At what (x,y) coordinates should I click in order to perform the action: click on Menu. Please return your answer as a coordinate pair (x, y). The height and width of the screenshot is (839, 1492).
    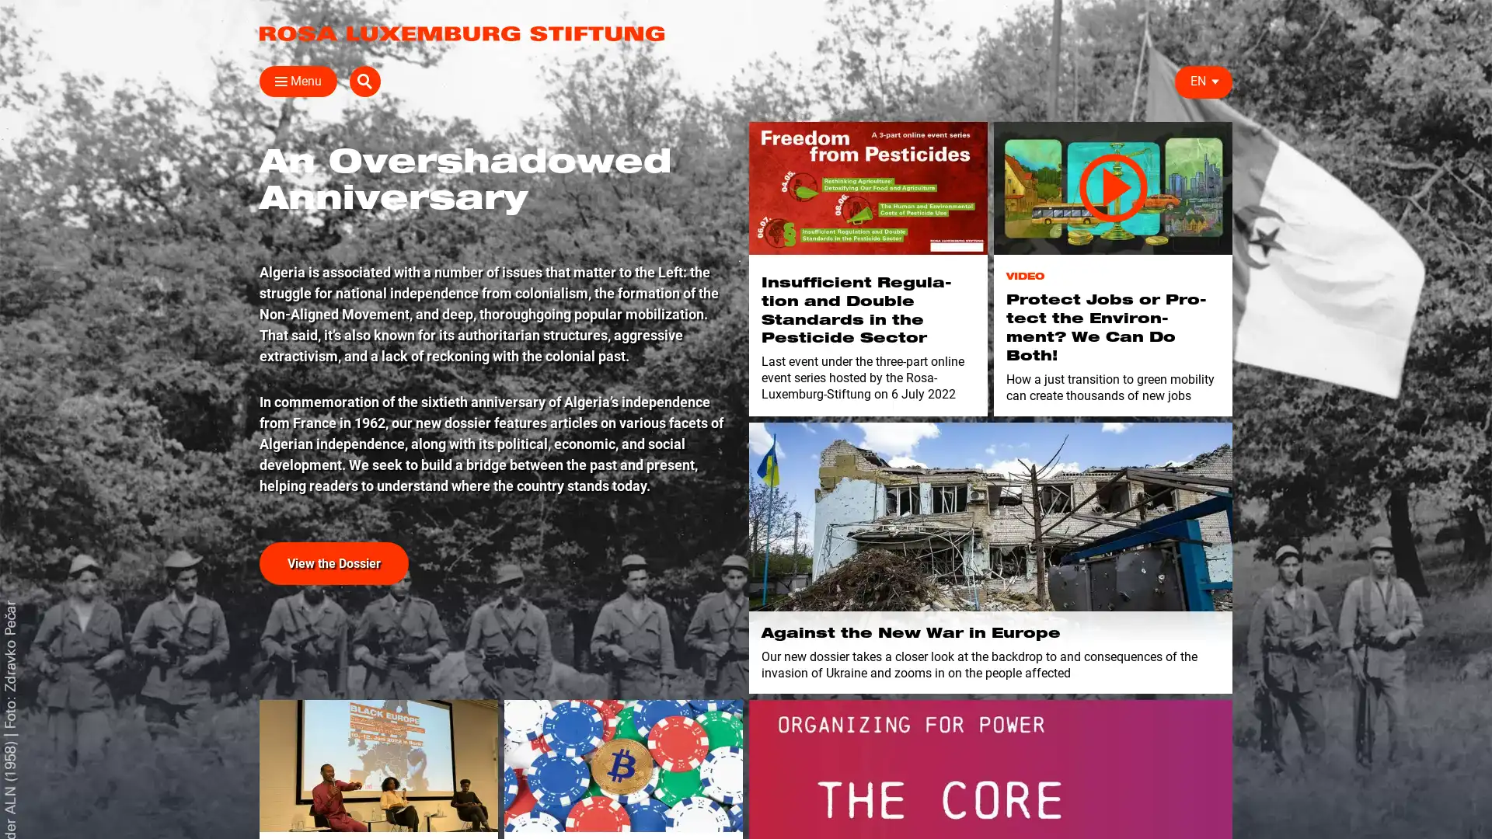
    Looking at the image, I should click on (298, 81).